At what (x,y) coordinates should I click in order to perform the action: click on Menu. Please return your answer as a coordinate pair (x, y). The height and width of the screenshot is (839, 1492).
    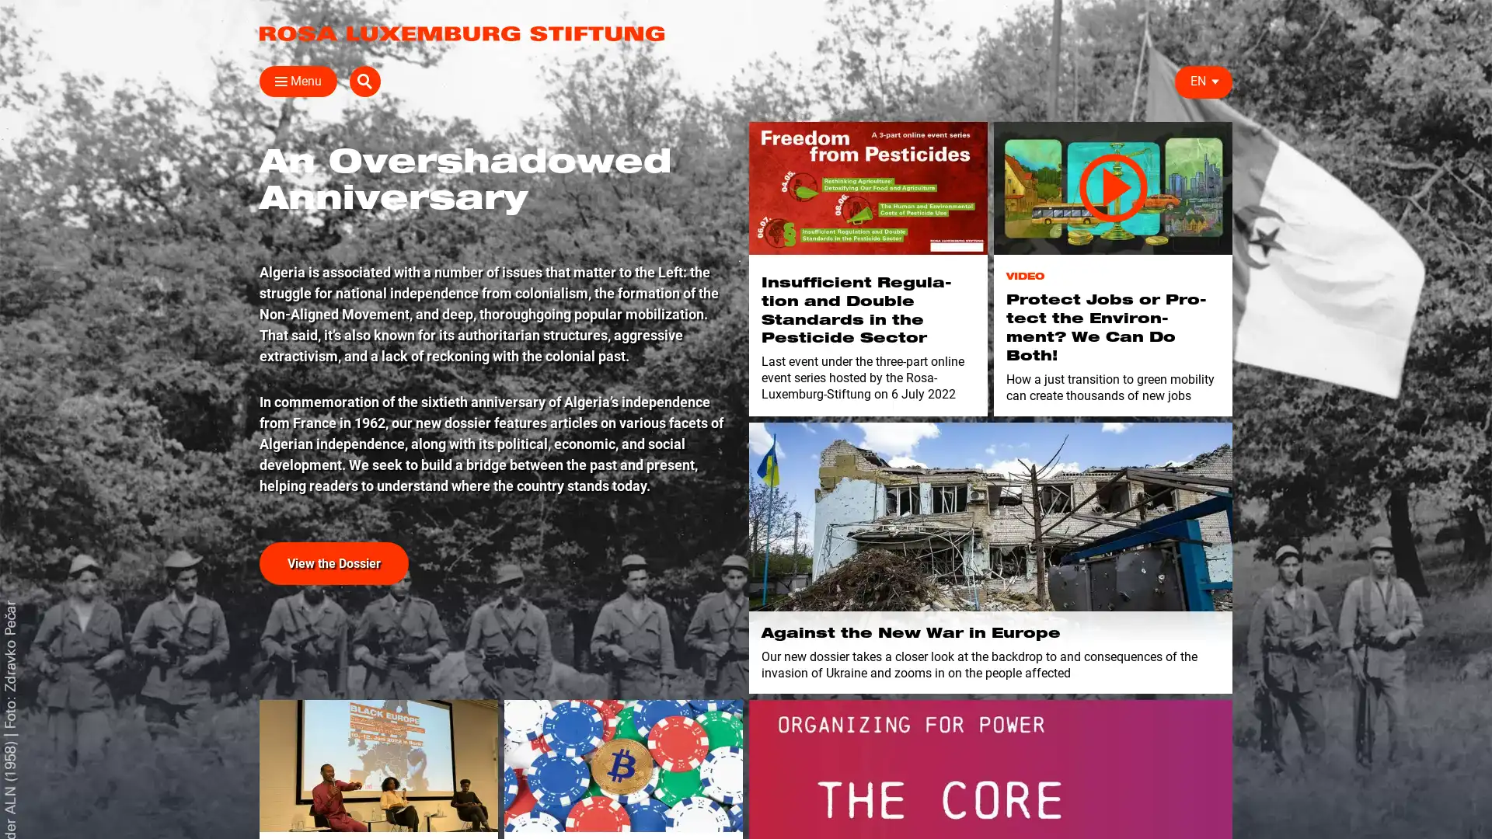
    Looking at the image, I should click on (298, 81).